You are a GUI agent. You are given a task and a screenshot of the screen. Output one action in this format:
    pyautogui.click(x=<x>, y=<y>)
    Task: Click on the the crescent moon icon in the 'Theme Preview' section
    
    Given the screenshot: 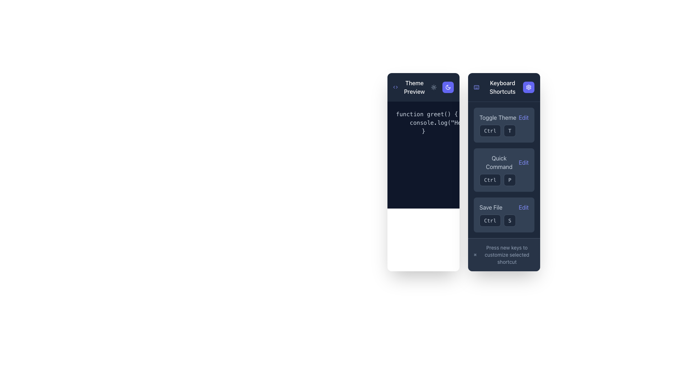 What is the action you would take?
    pyautogui.click(x=448, y=87)
    